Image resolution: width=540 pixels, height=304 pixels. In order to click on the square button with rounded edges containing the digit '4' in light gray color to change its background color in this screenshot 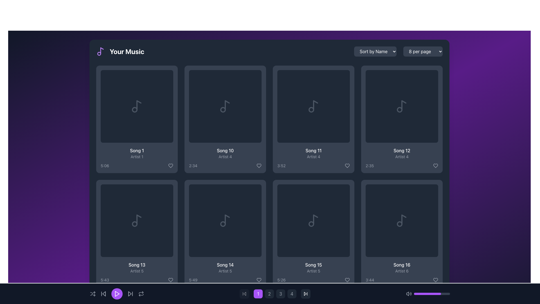, I will do `click(292, 294)`.